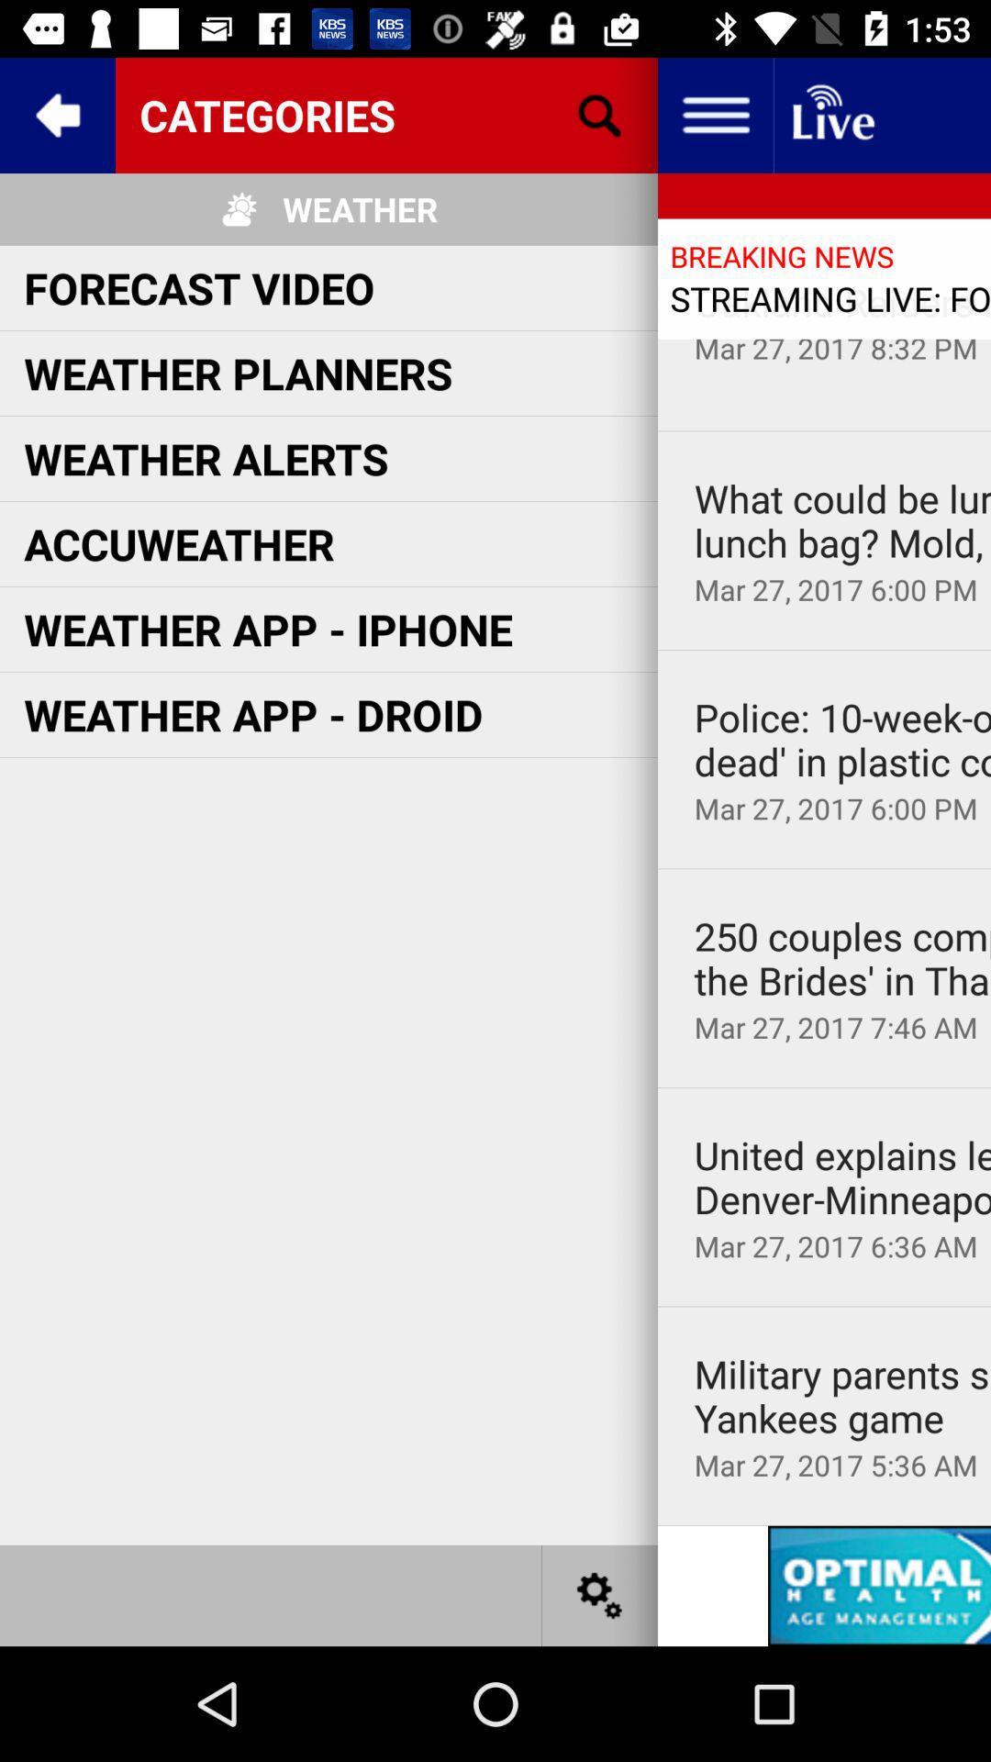 This screenshot has height=1762, width=991. What do you see at coordinates (600, 1594) in the screenshot?
I see `settings` at bounding box center [600, 1594].